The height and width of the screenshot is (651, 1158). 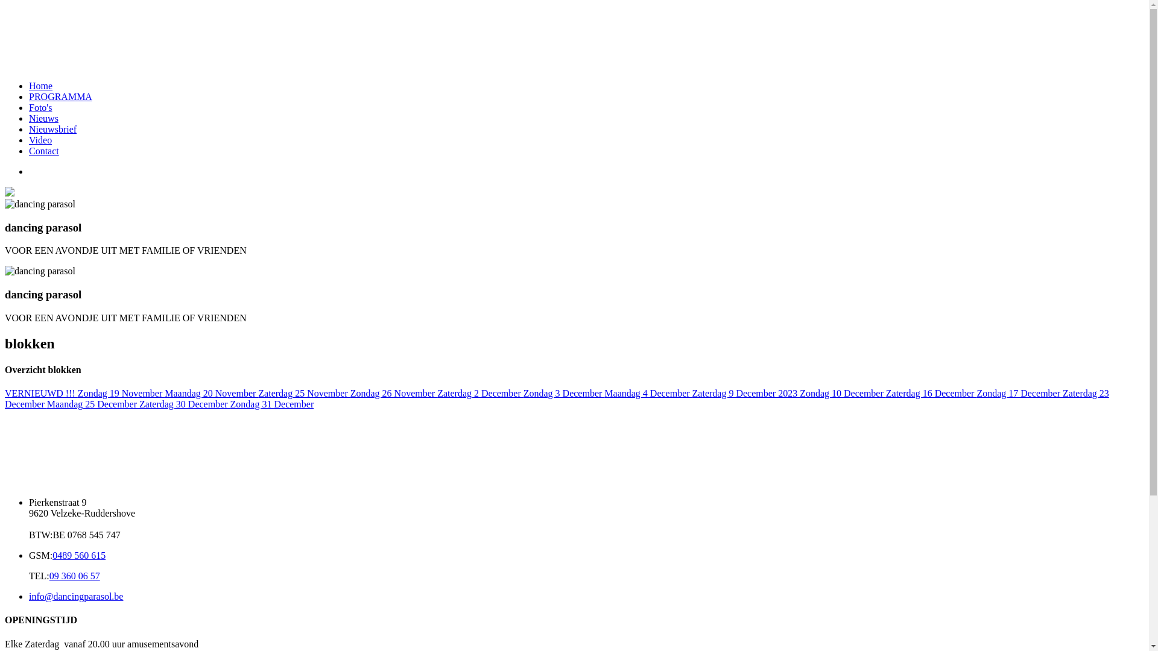 What do you see at coordinates (92, 404) in the screenshot?
I see `'Maandag 25 December'` at bounding box center [92, 404].